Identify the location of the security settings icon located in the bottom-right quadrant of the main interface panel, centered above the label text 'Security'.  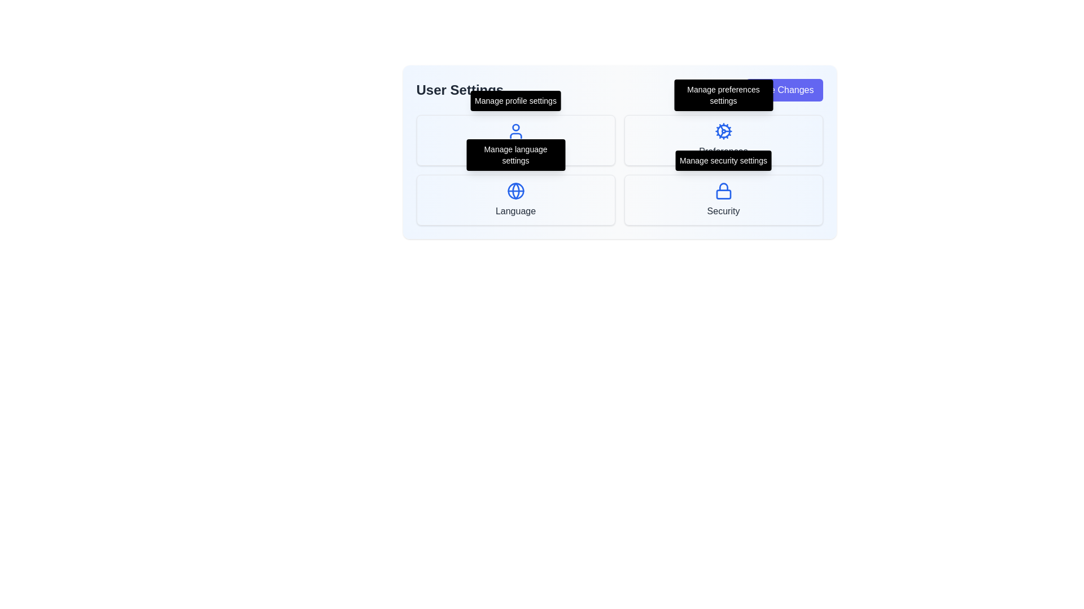
(723, 191).